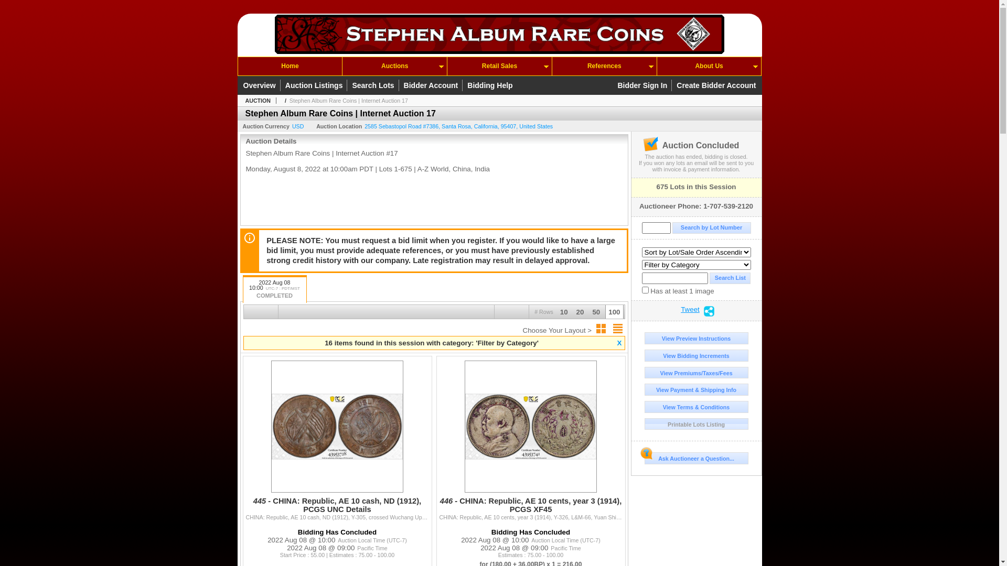 The image size is (1007, 566). What do you see at coordinates (656, 66) in the screenshot?
I see `'About Us'` at bounding box center [656, 66].